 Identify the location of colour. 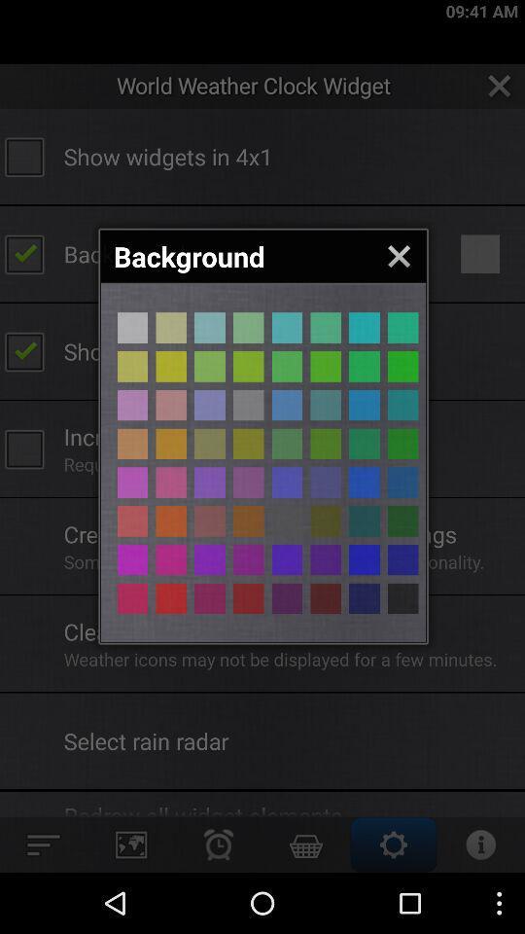
(171, 597).